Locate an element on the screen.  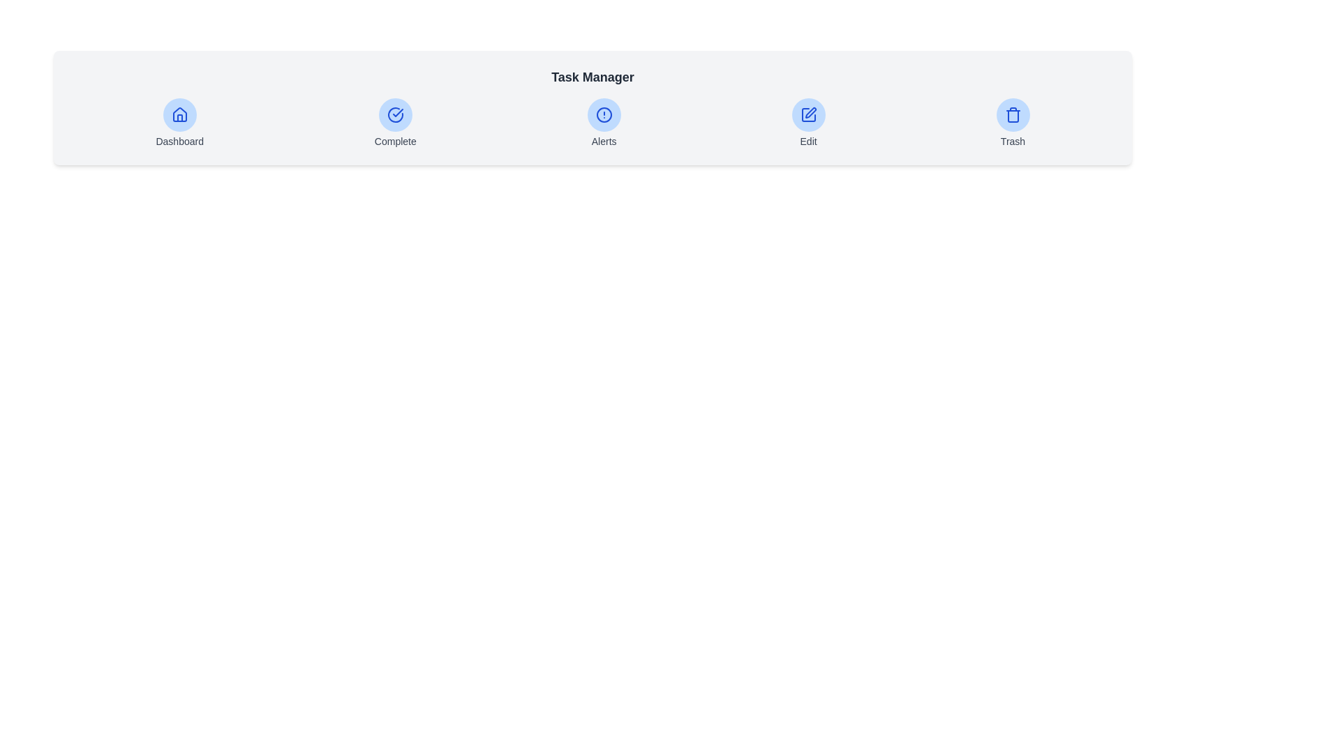
the 'Complete' icon within the button in the navigation bar, which serves as a status indicator for task completion is located at coordinates (394, 114).